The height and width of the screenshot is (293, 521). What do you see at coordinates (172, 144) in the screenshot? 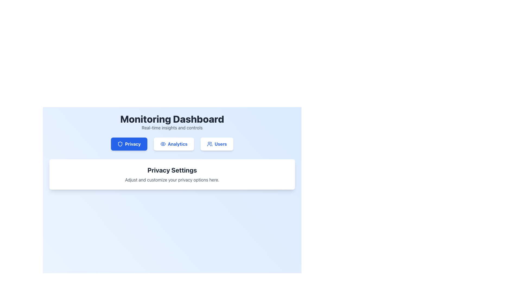
I see `the 'Analytics' button in the Horizontal Navigation Bar, which is a horizontally-aligned row of three buttons labeled 'Privacy', 'Analytics', and 'Users'` at bounding box center [172, 144].